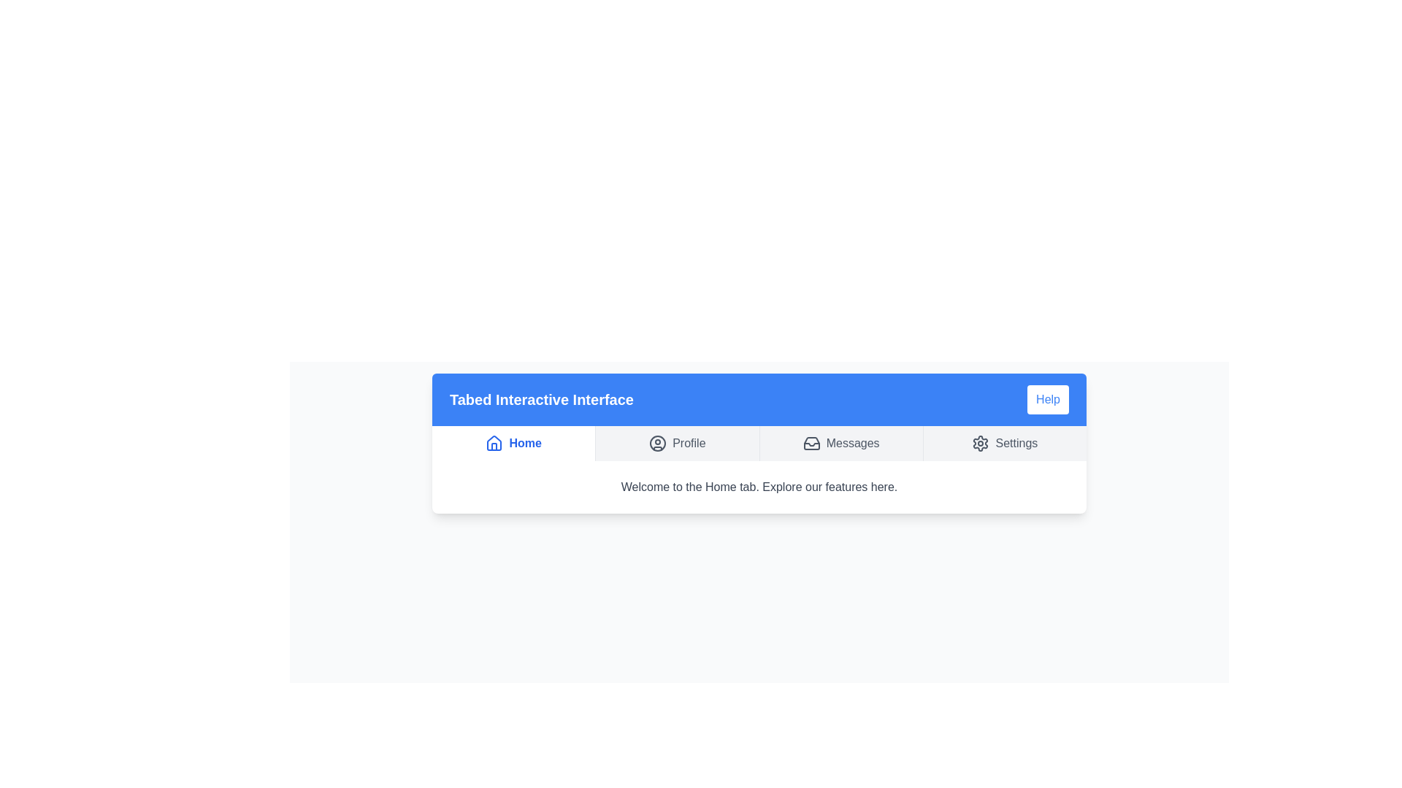 This screenshot has width=1402, height=788. What do you see at coordinates (513, 443) in the screenshot?
I see `the 'Home' text label in the navigation bar to trigger hover effects` at bounding box center [513, 443].